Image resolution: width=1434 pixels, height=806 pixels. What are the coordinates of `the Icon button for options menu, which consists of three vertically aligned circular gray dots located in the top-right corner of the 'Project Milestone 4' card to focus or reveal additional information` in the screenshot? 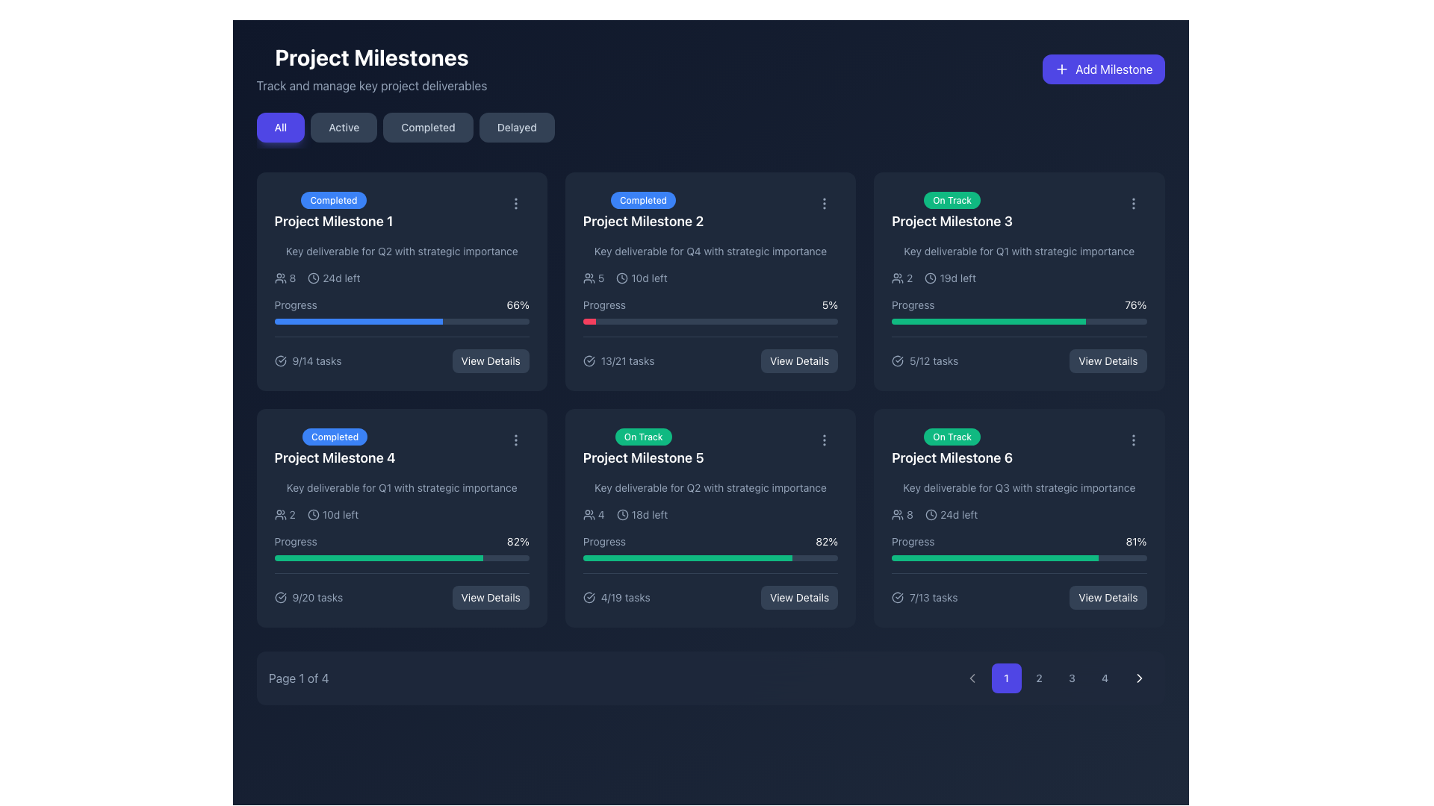 It's located at (515, 440).